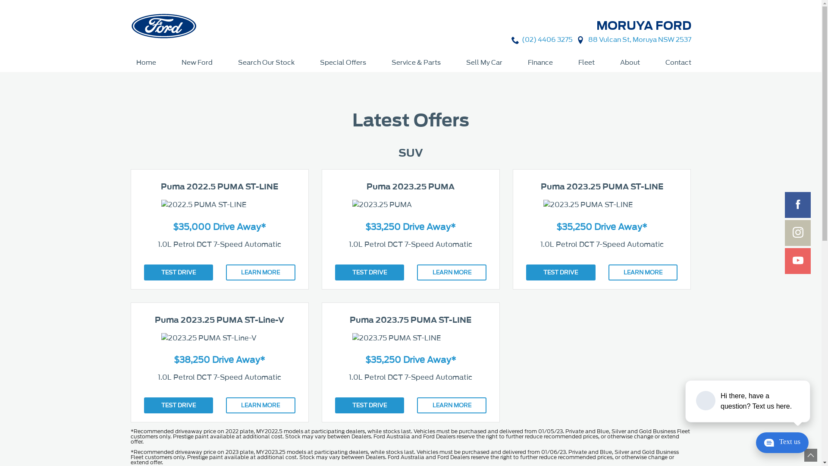 The height and width of the screenshot is (466, 828). I want to click on 'Search Our Stock', so click(265, 62).